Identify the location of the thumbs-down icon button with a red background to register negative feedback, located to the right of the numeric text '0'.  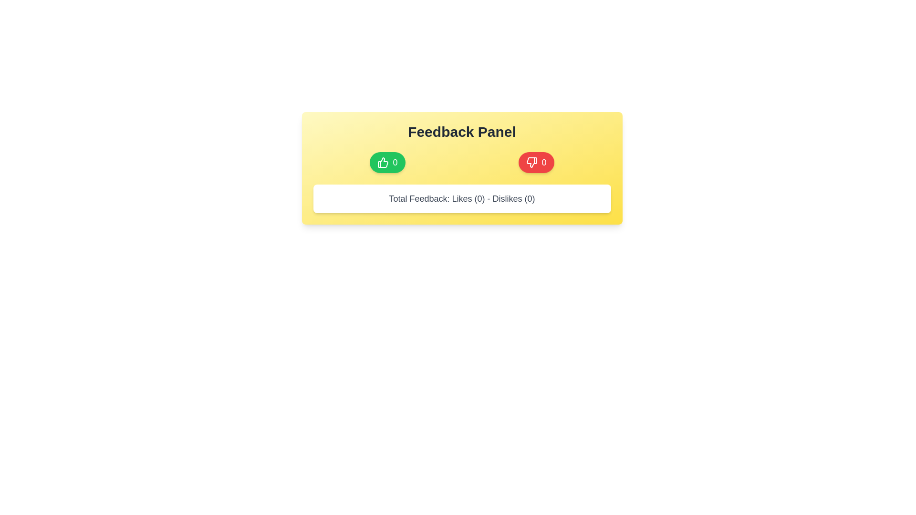
(531, 162).